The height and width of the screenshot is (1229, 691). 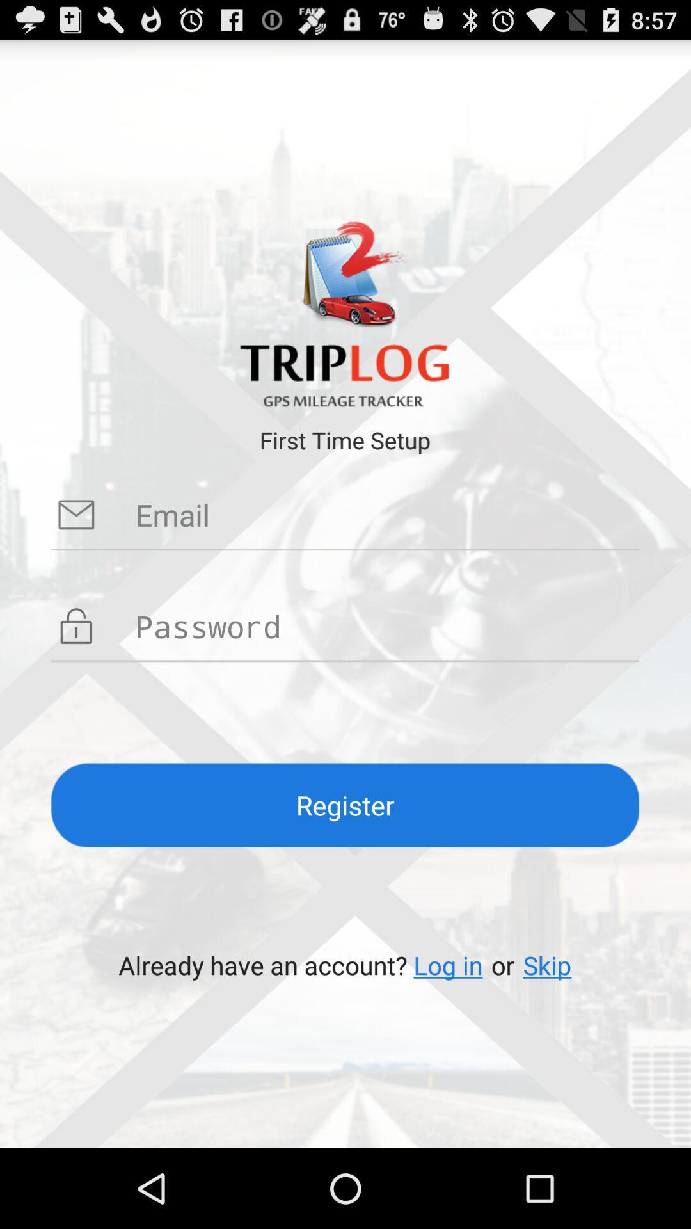 I want to click on your password, so click(x=386, y=626).